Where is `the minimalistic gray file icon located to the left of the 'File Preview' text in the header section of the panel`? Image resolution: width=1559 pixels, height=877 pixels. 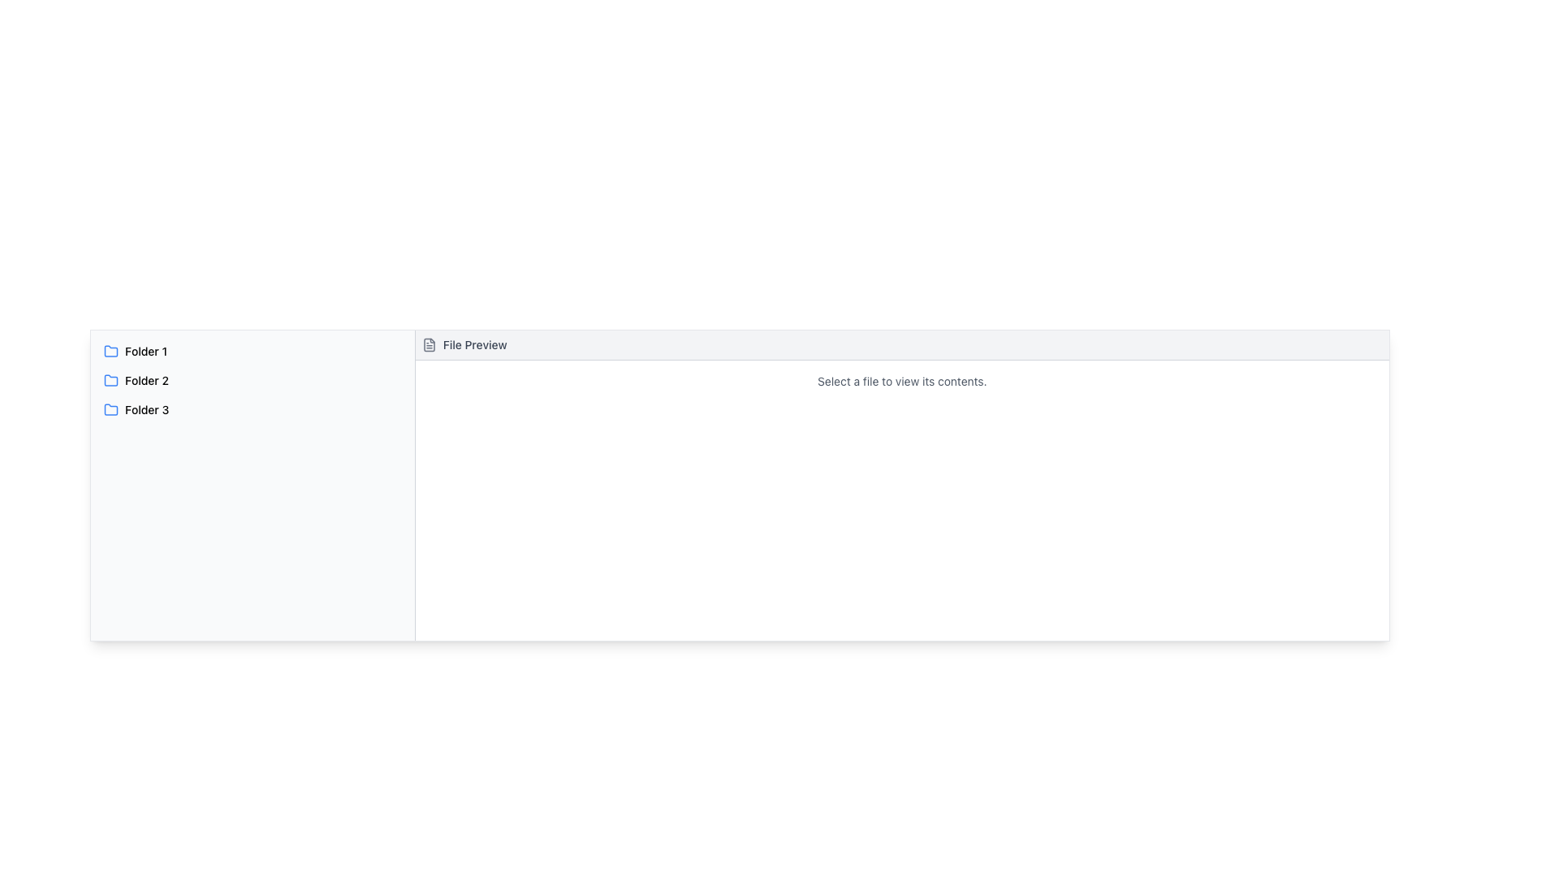 the minimalistic gray file icon located to the left of the 'File Preview' text in the header section of the panel is located at coordinates (429, 343).